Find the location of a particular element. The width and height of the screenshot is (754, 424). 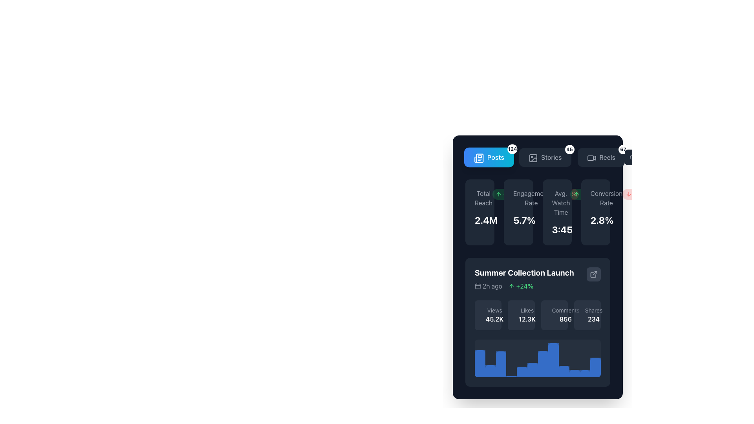

the 'Stories' button, which features a picture frame icon and a badge displaying '45' is located at coordinates (537, 157).